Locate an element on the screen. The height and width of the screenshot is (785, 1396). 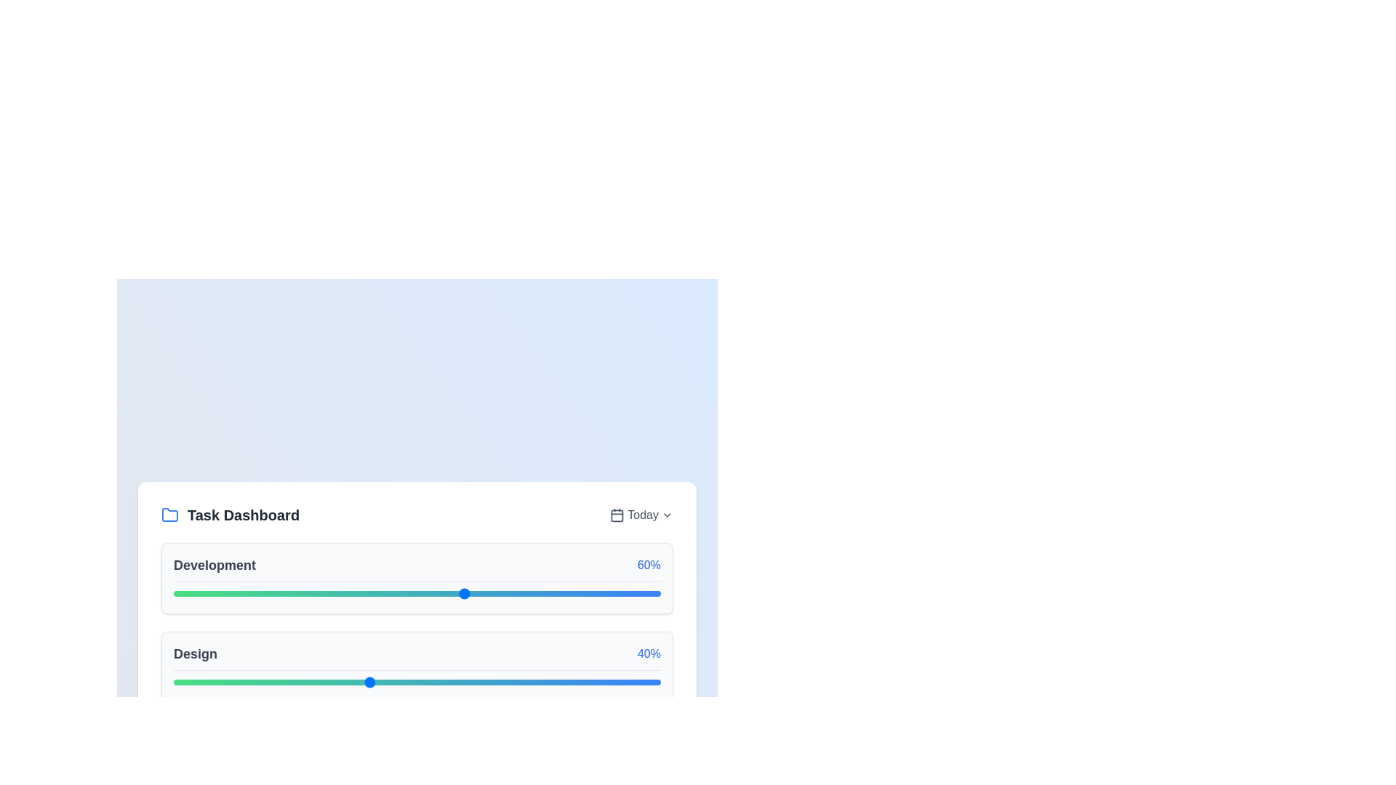
the slider value is located at coordinates (485, 770).